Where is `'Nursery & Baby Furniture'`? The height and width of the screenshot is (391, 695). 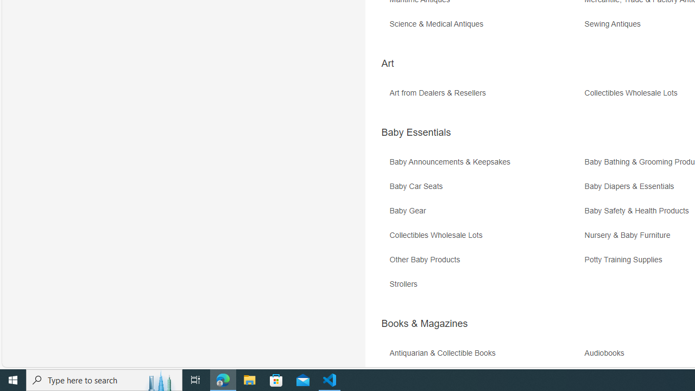 'Nursery & Baby Furniture' is located at coordinates (630, 235).